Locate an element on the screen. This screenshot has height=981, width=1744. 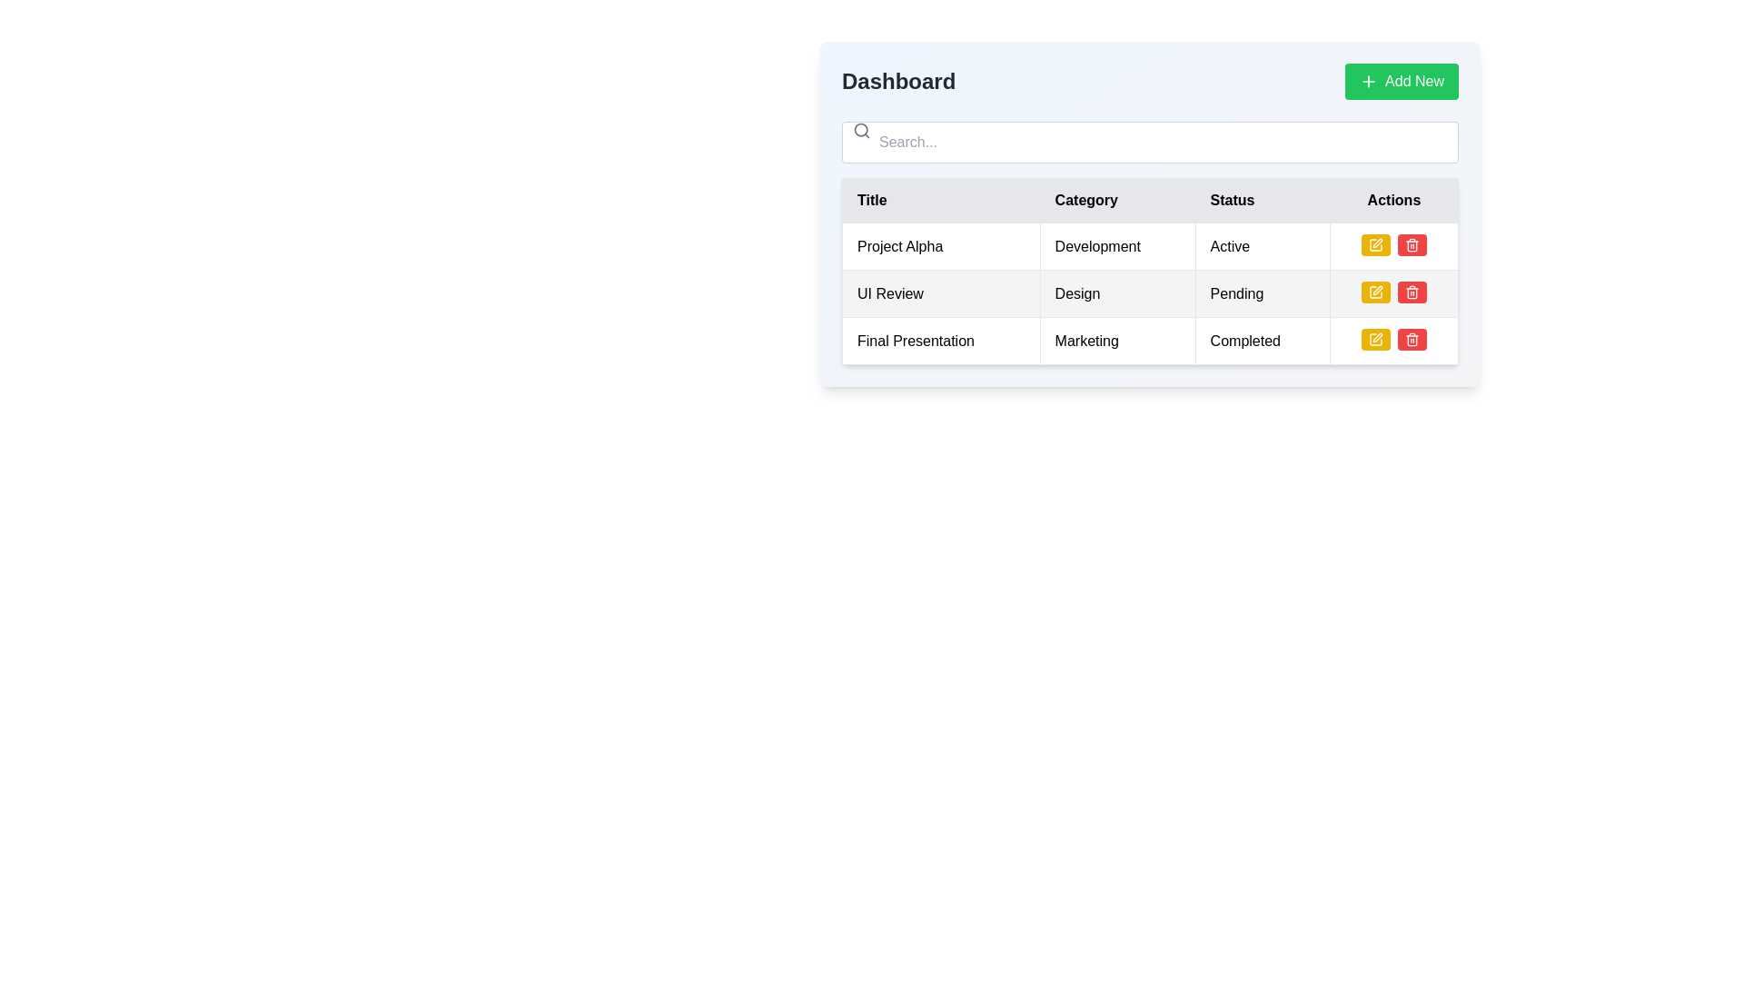
the vertical rectangle with a rounded design inside the trash bin icon located in the rightmost column of the action row in the dashboard table is located at coordinates (1412, 246).